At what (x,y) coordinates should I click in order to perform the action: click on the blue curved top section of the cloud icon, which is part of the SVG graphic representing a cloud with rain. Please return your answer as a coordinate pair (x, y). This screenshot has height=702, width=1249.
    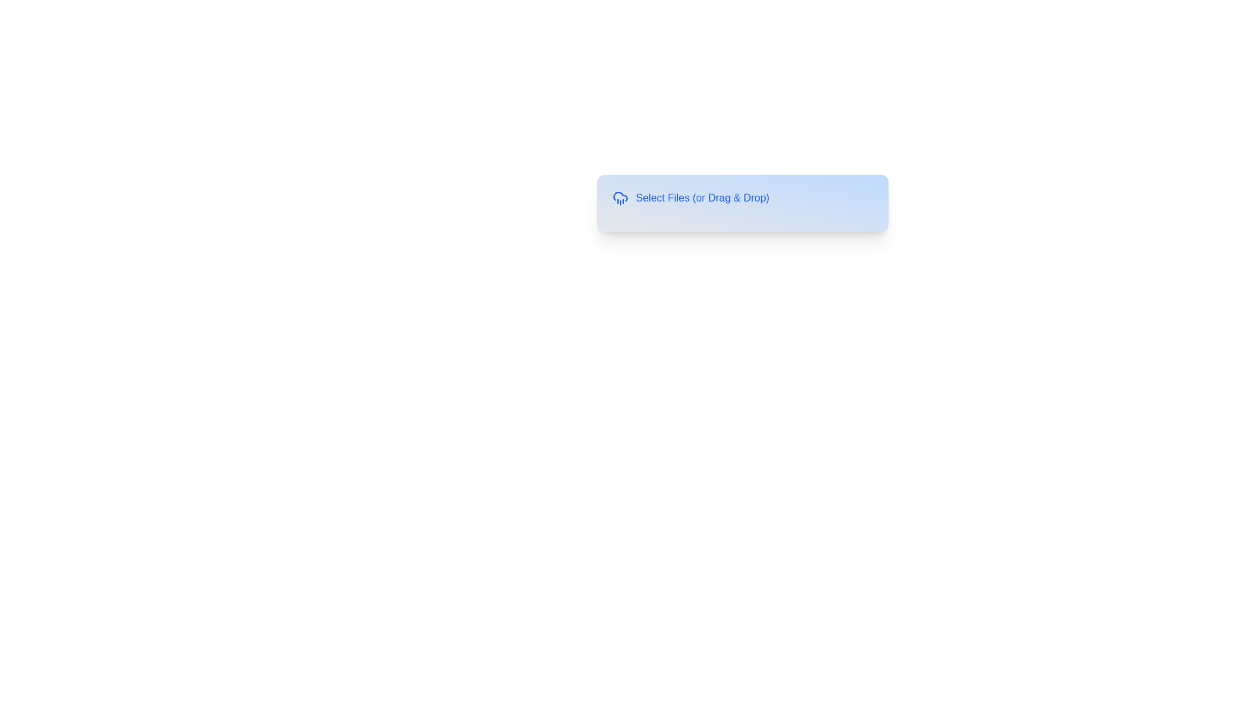
    Looking at the image, I should click on (619, 196).